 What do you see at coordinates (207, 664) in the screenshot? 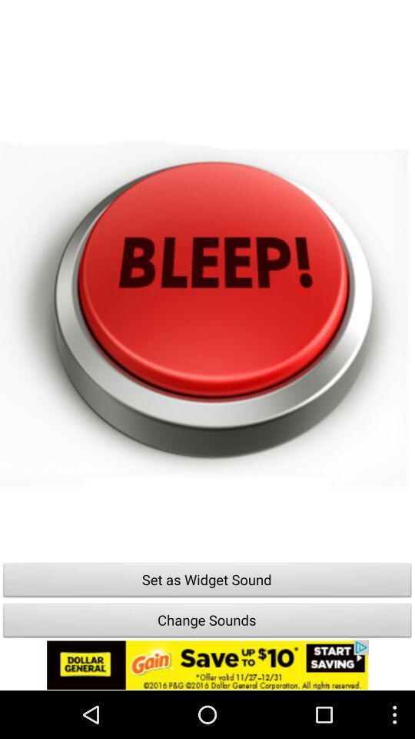
I see `icone` at bounding box center [207, 664].